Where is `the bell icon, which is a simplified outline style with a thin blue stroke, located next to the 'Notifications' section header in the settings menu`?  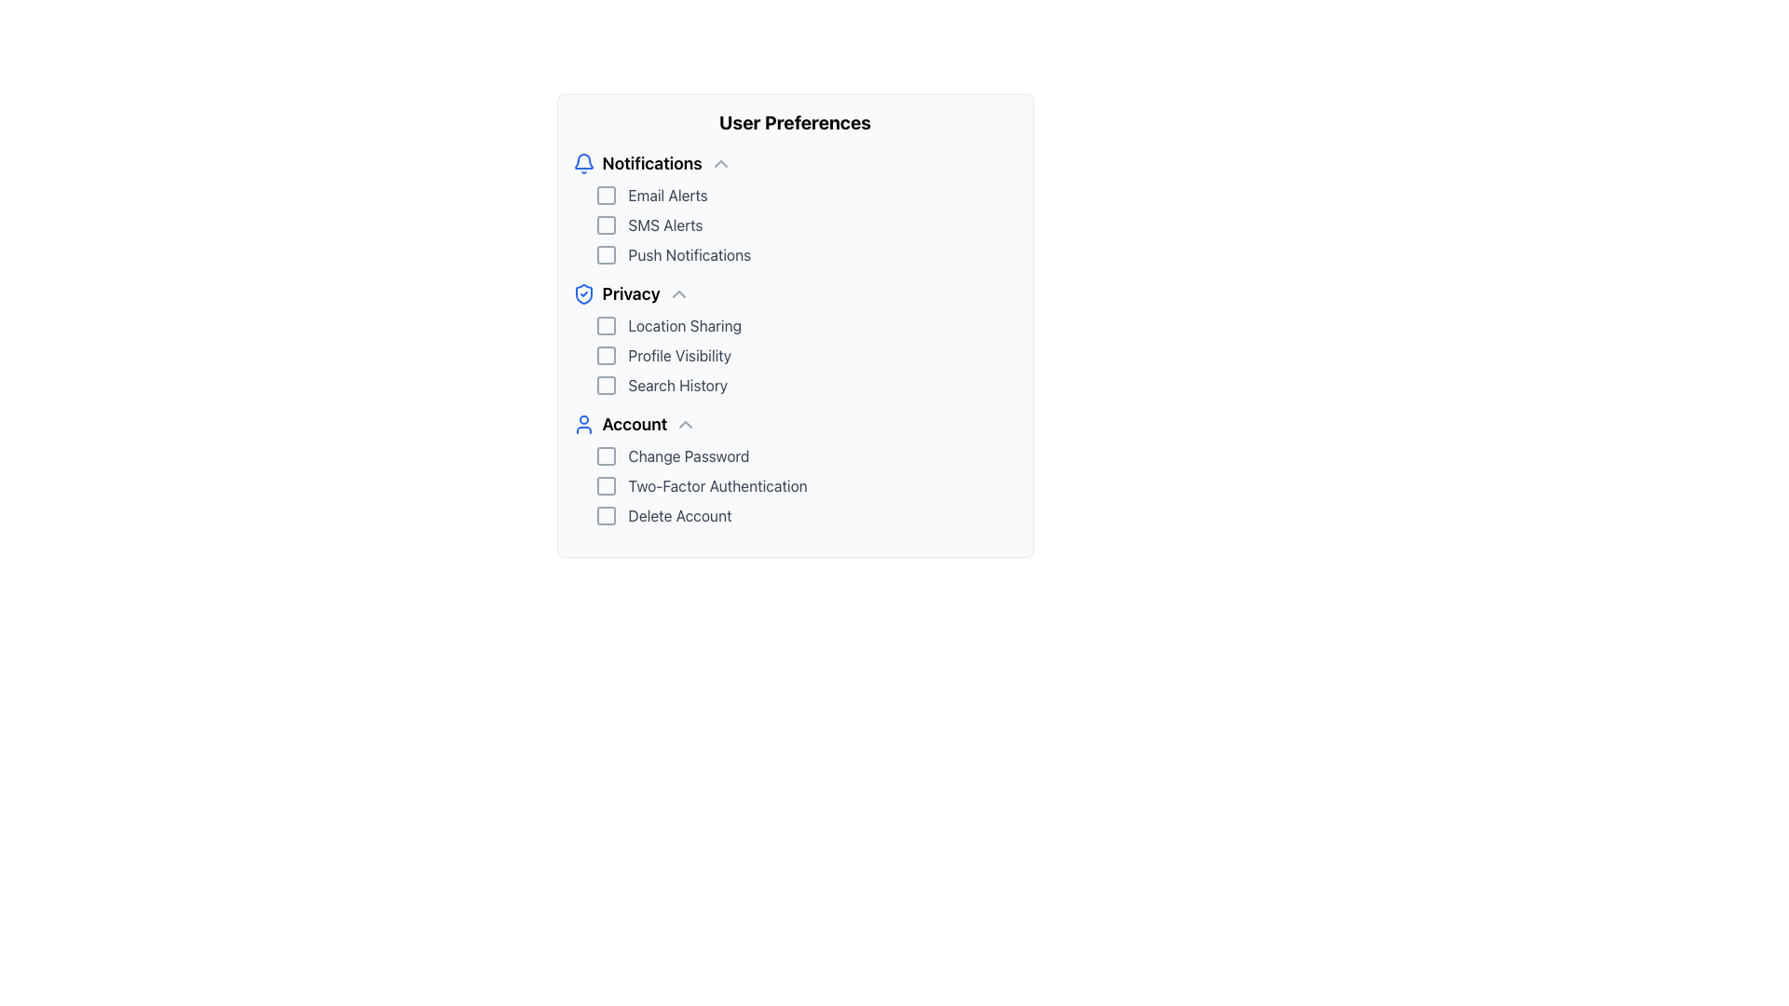
the bell icon, which is a simplified outline style with a thin blue stroke, located next to the 'Notifications' section header in the settings menu is located at coordinates (582, 160).